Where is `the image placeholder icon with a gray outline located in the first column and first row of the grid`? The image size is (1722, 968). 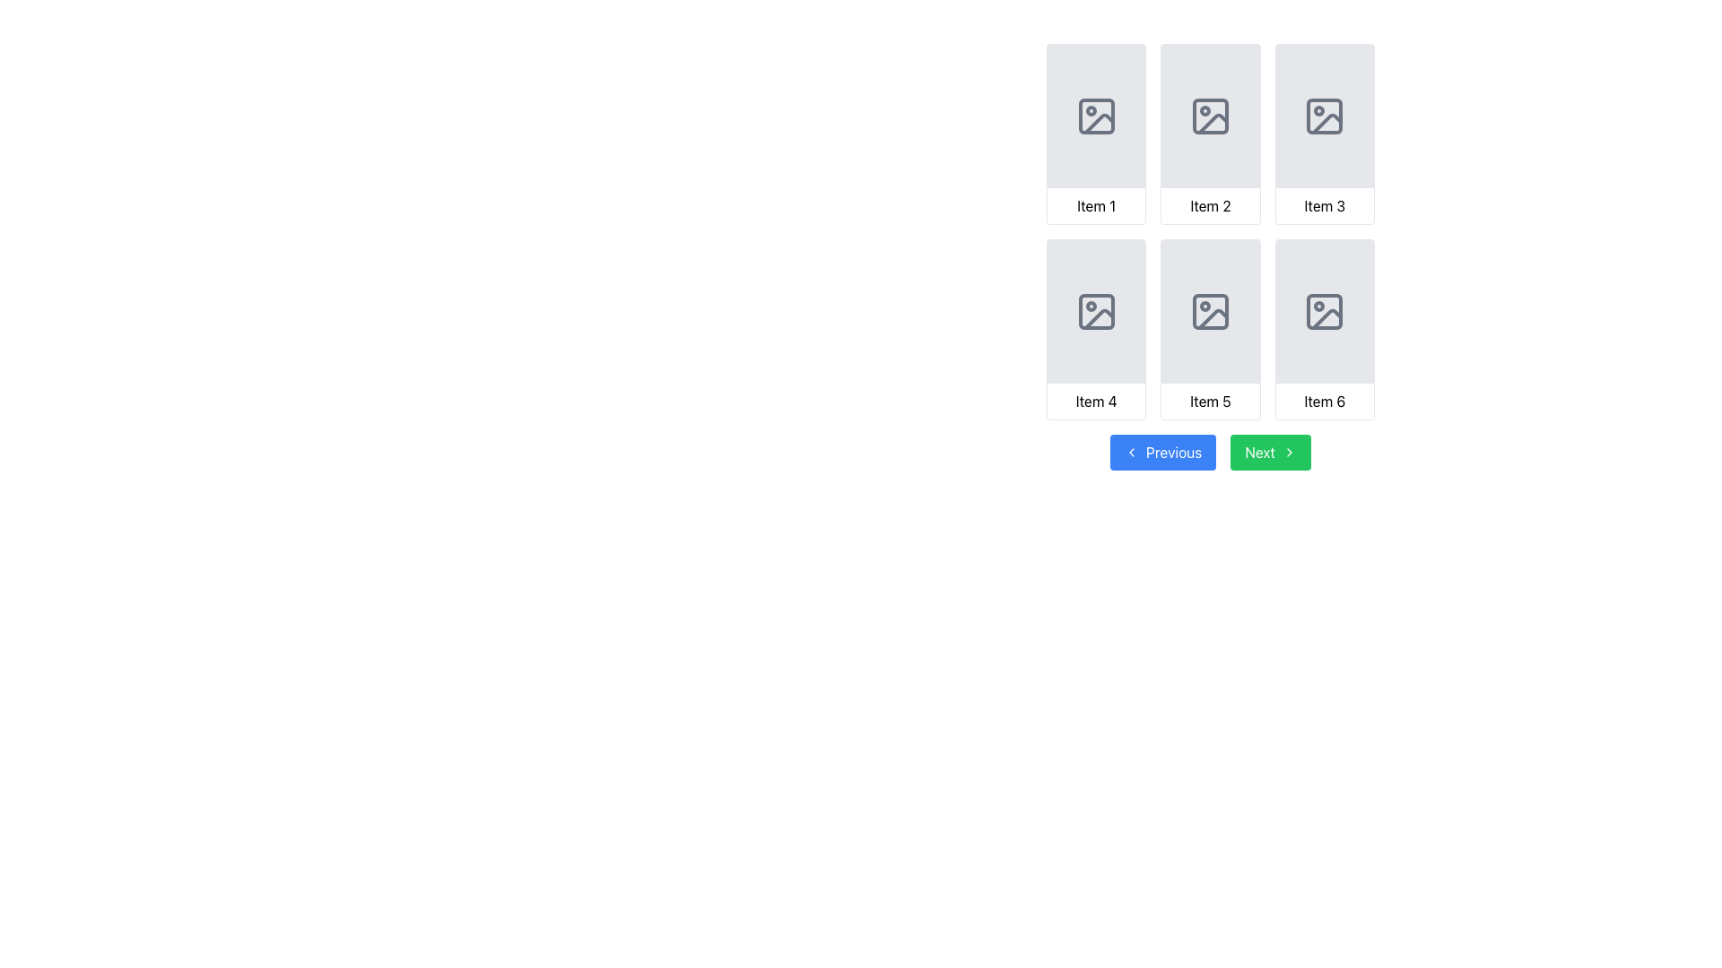
the image placeholder icon with a gray outline located in the first column and first row of the grid is located at coordinates (1095, 117).